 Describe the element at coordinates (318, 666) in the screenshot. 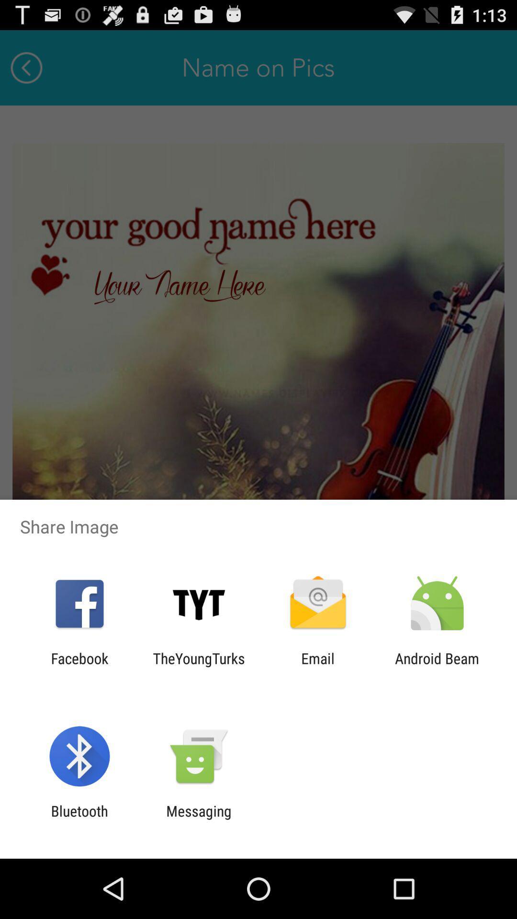

I see `the app to the right of the theyoungturks icon` at that location.